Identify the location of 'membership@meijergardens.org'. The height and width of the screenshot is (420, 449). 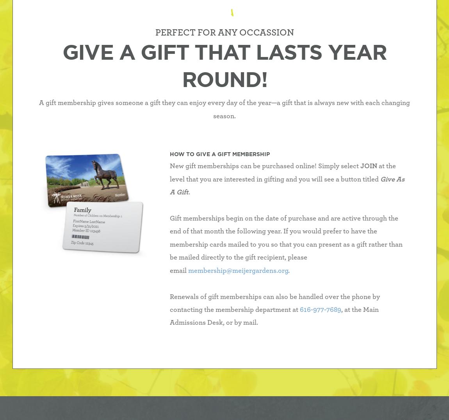
(237, 271).